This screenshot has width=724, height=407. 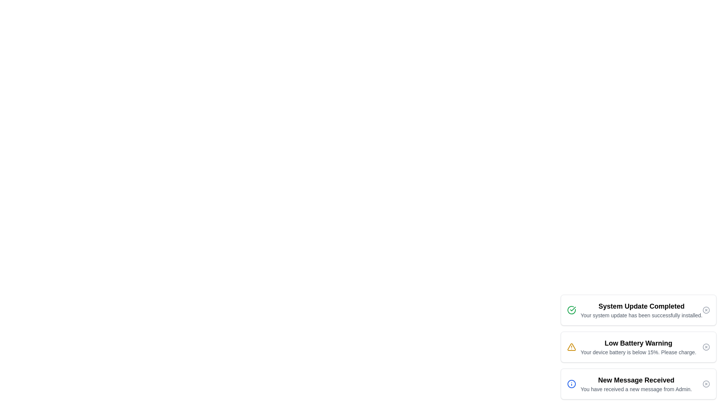 What do you see at coordinates (641, 306) in the screenshot?
I see `the Text element that serves as the title for the system update notification, positioned at the top of the vertical list of notifications on the right side of the interface` at bounding box center [641, 306].